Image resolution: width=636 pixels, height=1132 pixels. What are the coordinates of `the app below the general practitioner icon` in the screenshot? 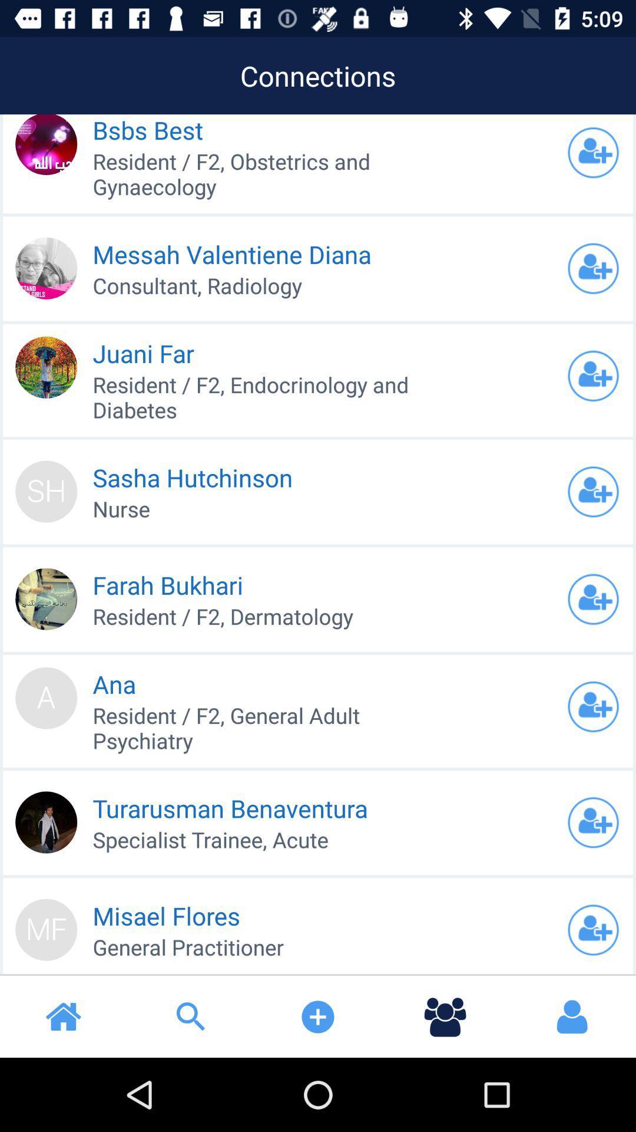 It's located at (190, 1016).